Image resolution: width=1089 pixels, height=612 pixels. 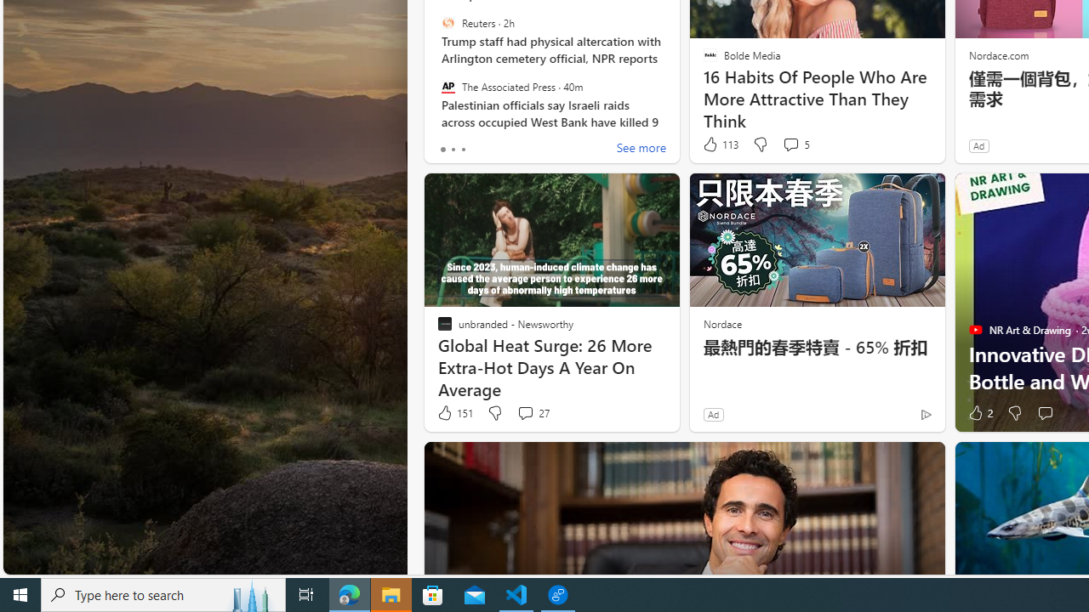 What do you see at coordinates (454, 413) in the screenshot?
I see `'151 Like'` at bounding box center [454, 413].